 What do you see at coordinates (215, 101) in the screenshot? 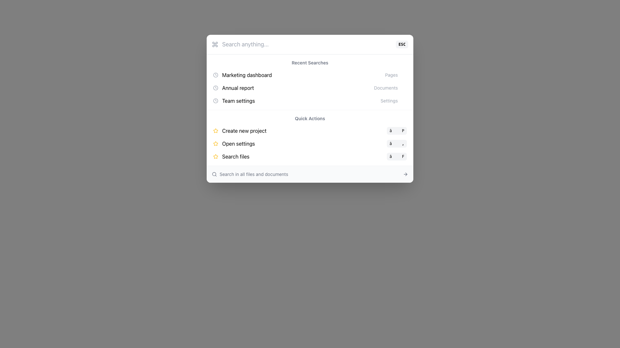
I see `the outermost circular part of the clock icon located within the 'Recent Searches' section, to the left of the 'Team settings' text` at bounding box center [215, 101].